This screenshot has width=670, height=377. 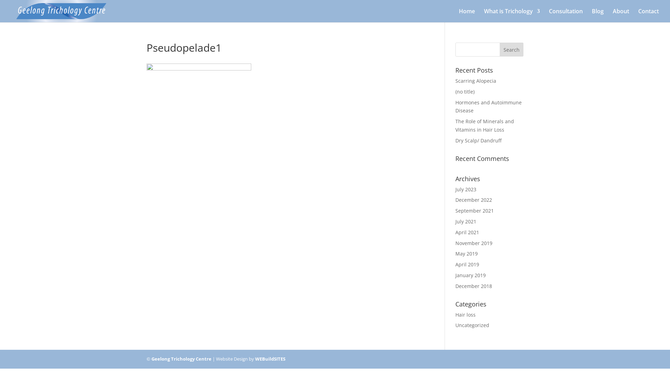 I want to click on 'About', so click(x=612, y=15).